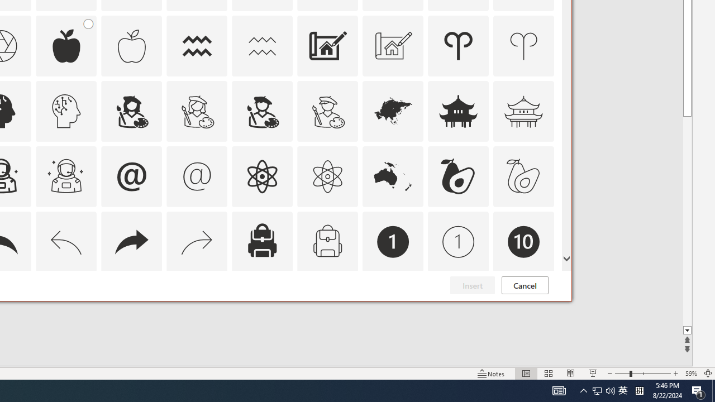 The width and height of the screenshot is (715, 402). Describe the element at coordinates (261, 241) in the screenshot. I see `'AutomationID: Icons_Backpack'` at that location.